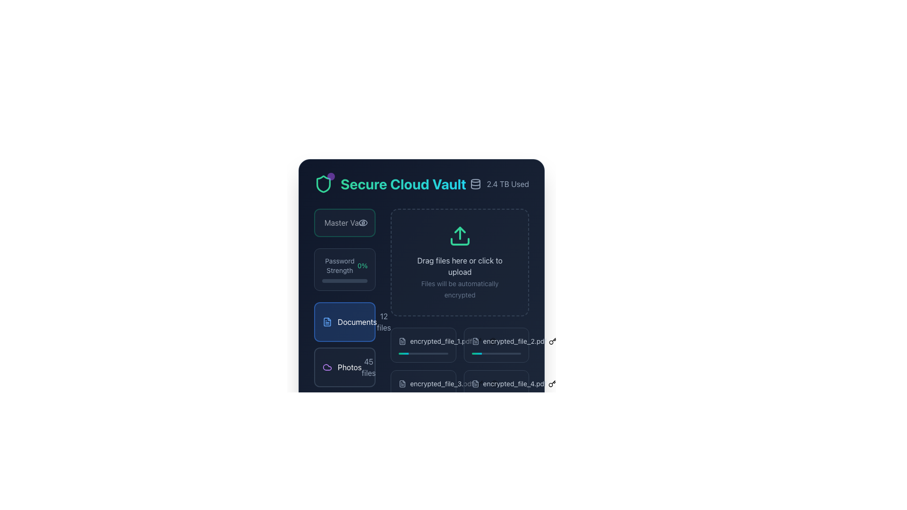 Image resolution: width=907 pixels, height=510 pixels. What do you see at coordinates (475, 341) in the screenshot?
I see `the document icon, which is a rectangular outline with a folded corner, located in the navigational section next to the 'Documents' label` at bounding box center [475, 341].